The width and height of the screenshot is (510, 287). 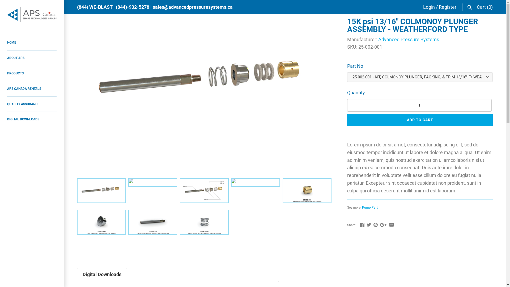 What do you see at coordinates (484, 7) in the screenshot?
I see `'Cart (0)'` at bounding box center [484, 7].